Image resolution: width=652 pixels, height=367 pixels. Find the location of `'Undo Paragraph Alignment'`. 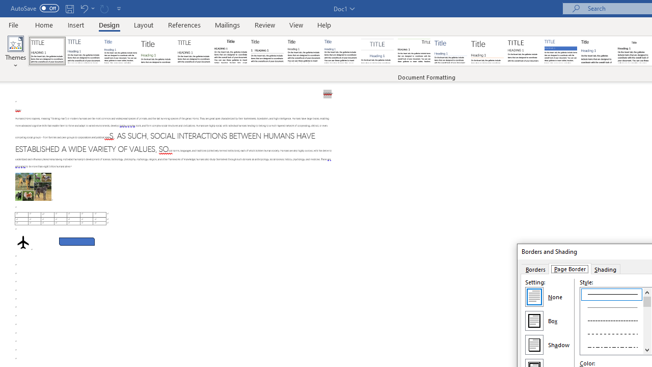

'Undo Paragraph Alignment' is located at coordinates (87, 8).